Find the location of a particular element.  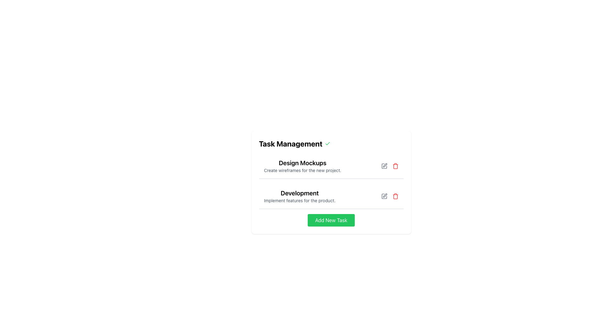

the text label 'Design Mockups', which is a bold heading in a larger font size, indicating the primary title of the first task in the task management interface is located at coordinates (302, 163).